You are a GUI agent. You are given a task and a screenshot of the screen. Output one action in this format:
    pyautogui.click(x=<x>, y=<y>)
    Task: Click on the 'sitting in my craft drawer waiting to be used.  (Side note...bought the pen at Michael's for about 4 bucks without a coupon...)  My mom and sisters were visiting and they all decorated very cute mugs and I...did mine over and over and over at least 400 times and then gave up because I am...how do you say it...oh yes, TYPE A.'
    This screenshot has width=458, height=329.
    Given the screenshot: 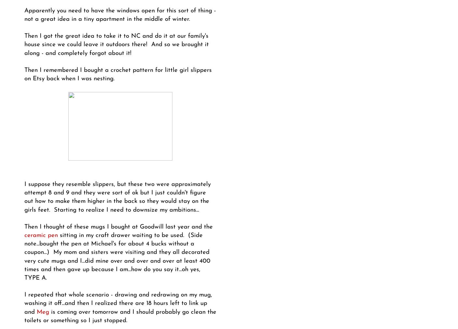 What is the action you would take?
    pyautogui.click(x=24, y=256)
    